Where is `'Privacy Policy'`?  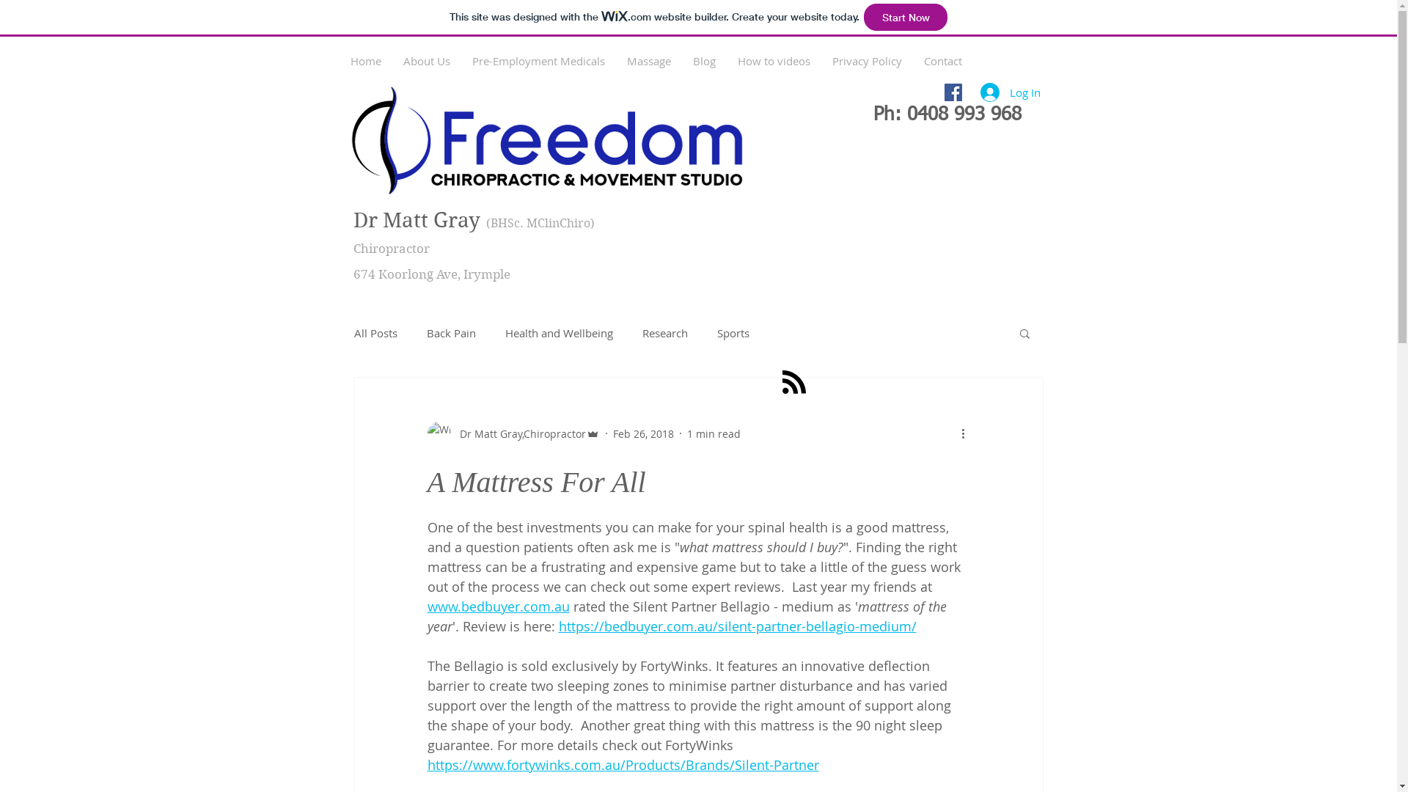
'Privacy Policy' is located at coordinates (867, 60).